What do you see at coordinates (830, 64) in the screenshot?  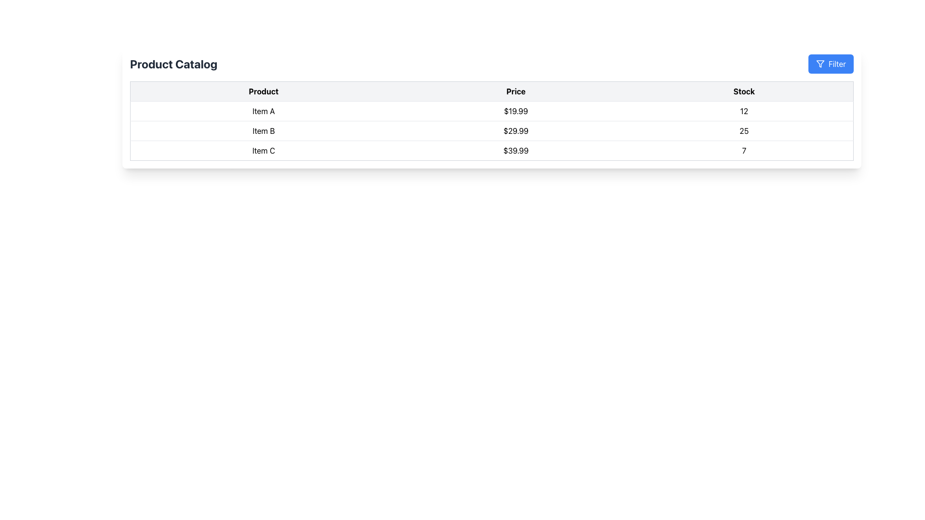 I see `the filter button located on the far right of the menu bar, next to the 'Product Catalog' text, to trigger visual changes` at bounding box center [830, 64].